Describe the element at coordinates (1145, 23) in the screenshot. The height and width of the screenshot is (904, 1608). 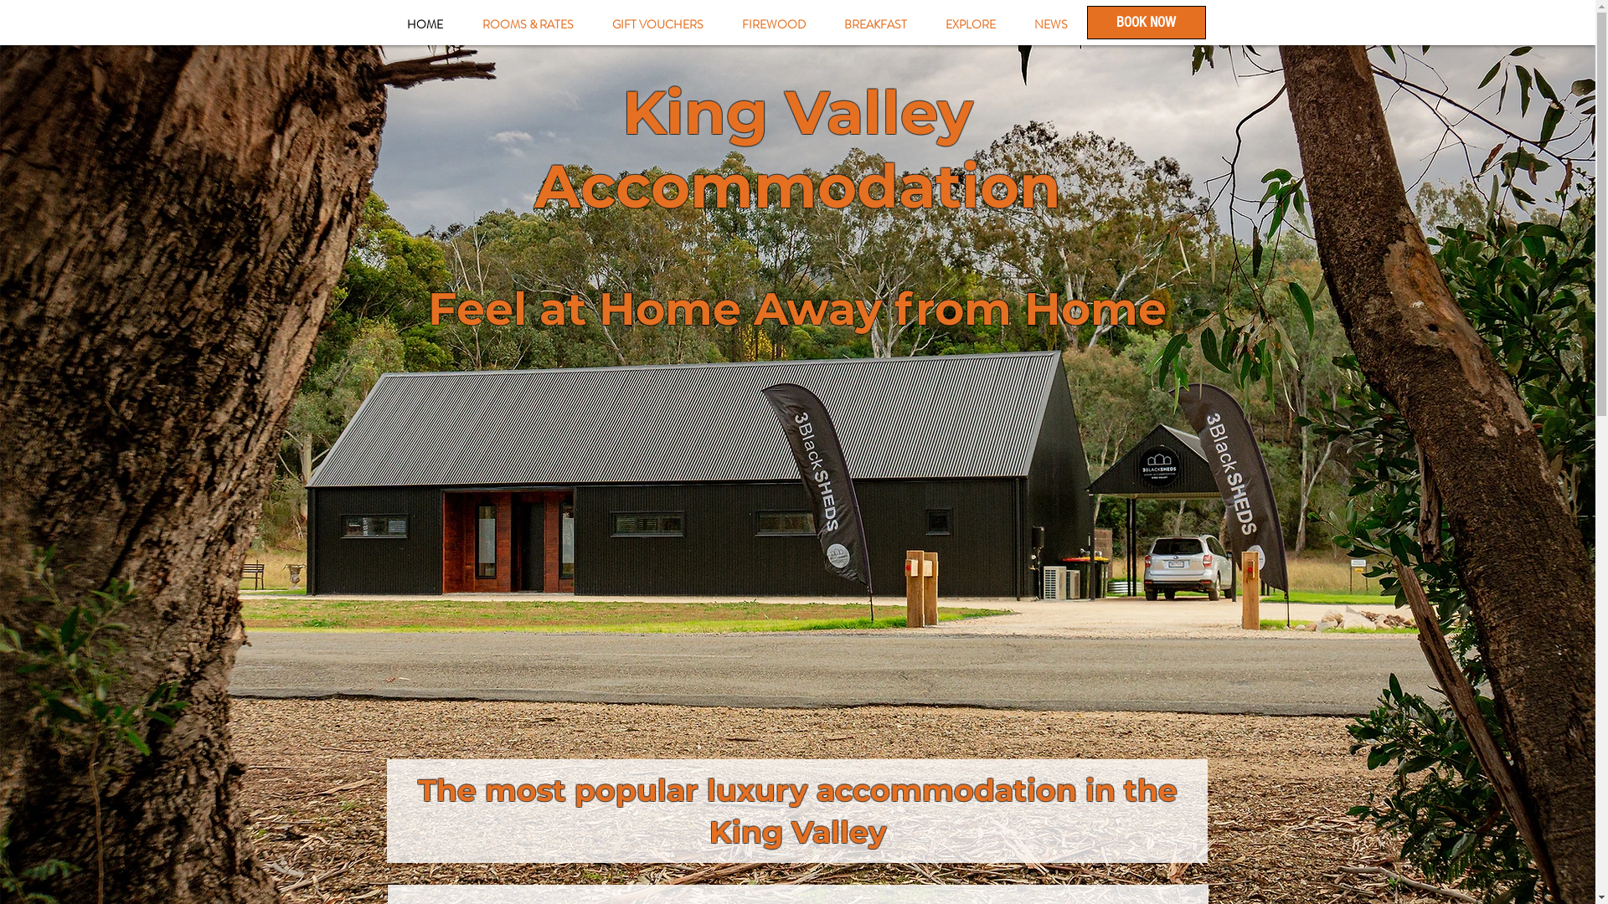
I see `'BOOK NOW'` at that location.